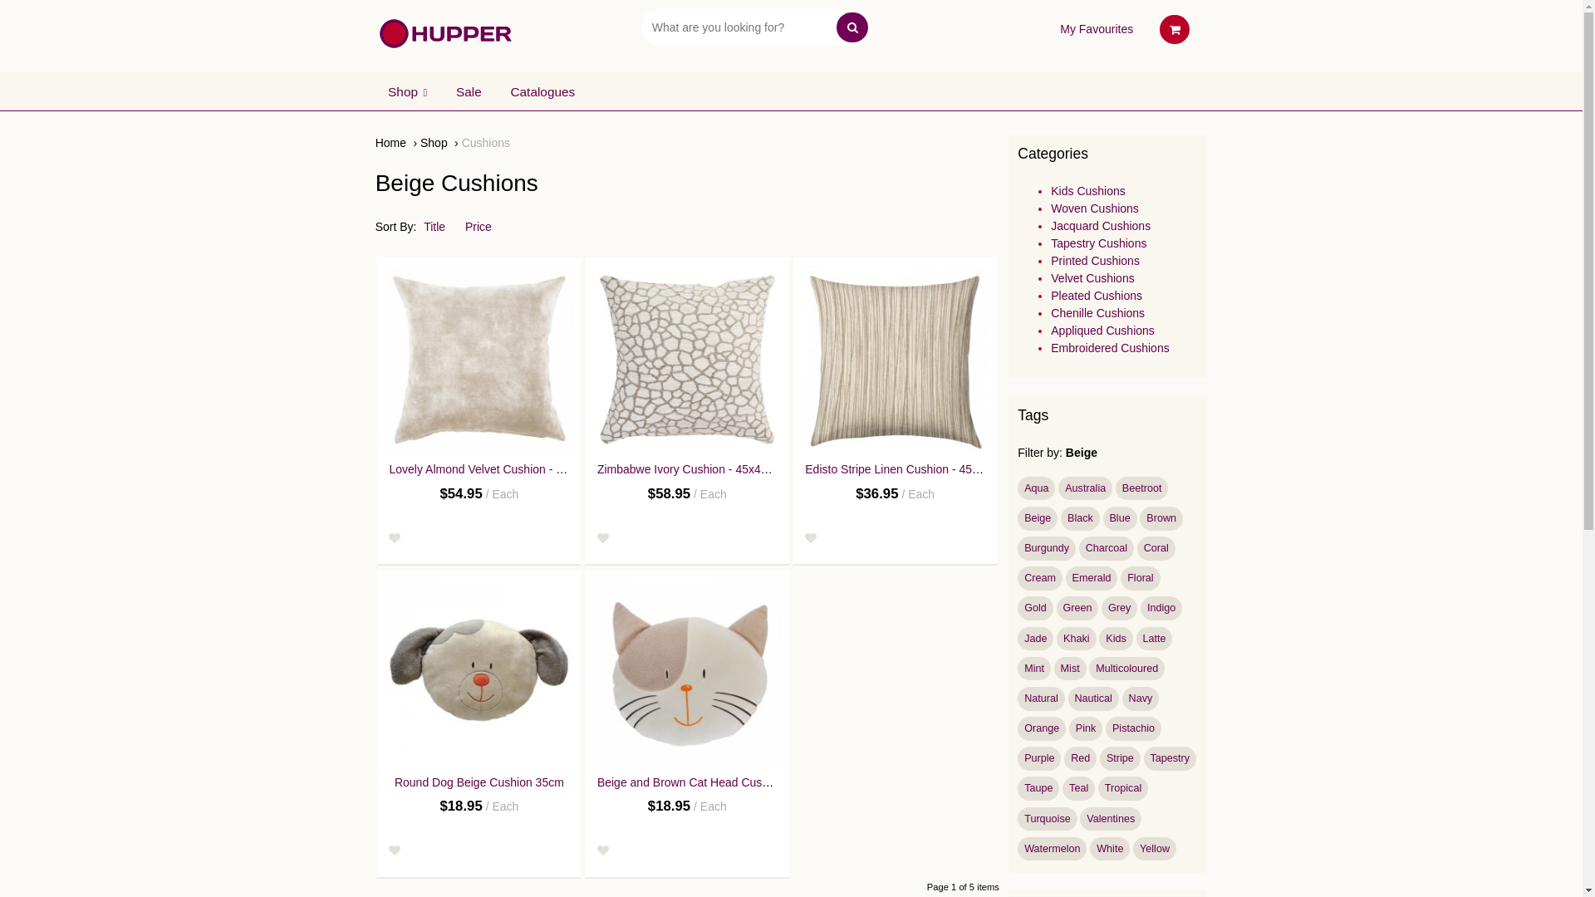  I want to click on 'Natural', so click(1039, 698).